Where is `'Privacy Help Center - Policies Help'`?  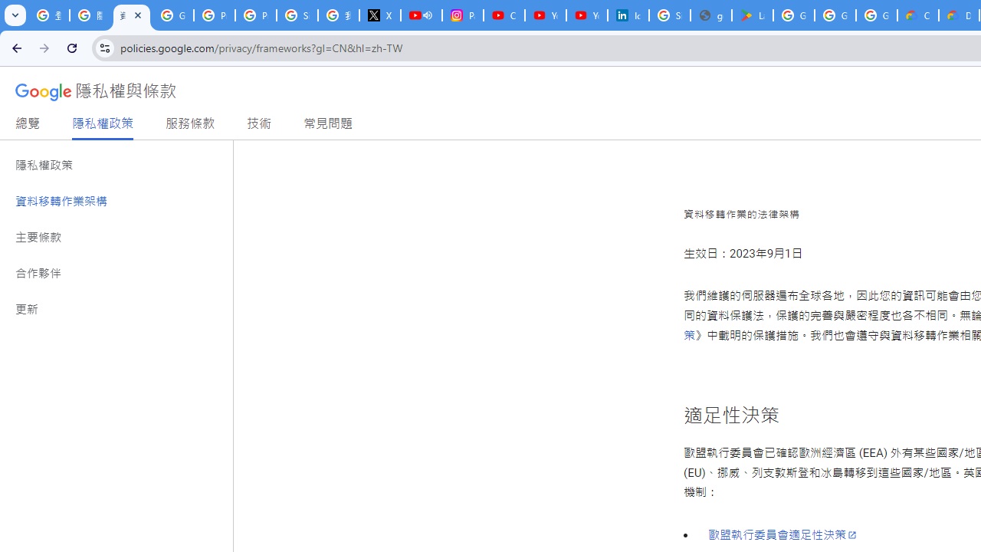
'Privacy Help Center - Policies Help' is located at coordinates (214, 15).